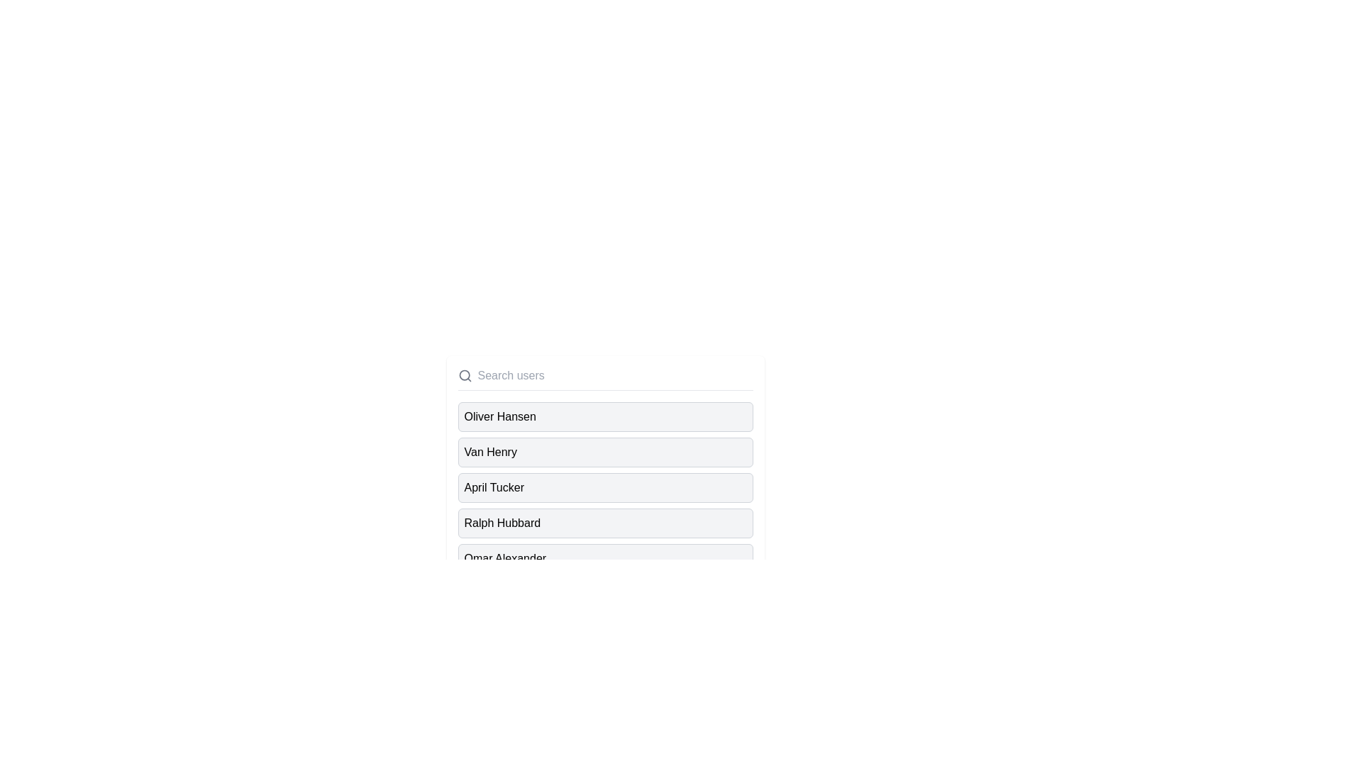  Describe the element at coordinates (494, 487) in the screenshot. I see `the text label 'April Tucker' which is displayed in a button-like list item with a light gray background, located as the third element in a vertical list` at that location.